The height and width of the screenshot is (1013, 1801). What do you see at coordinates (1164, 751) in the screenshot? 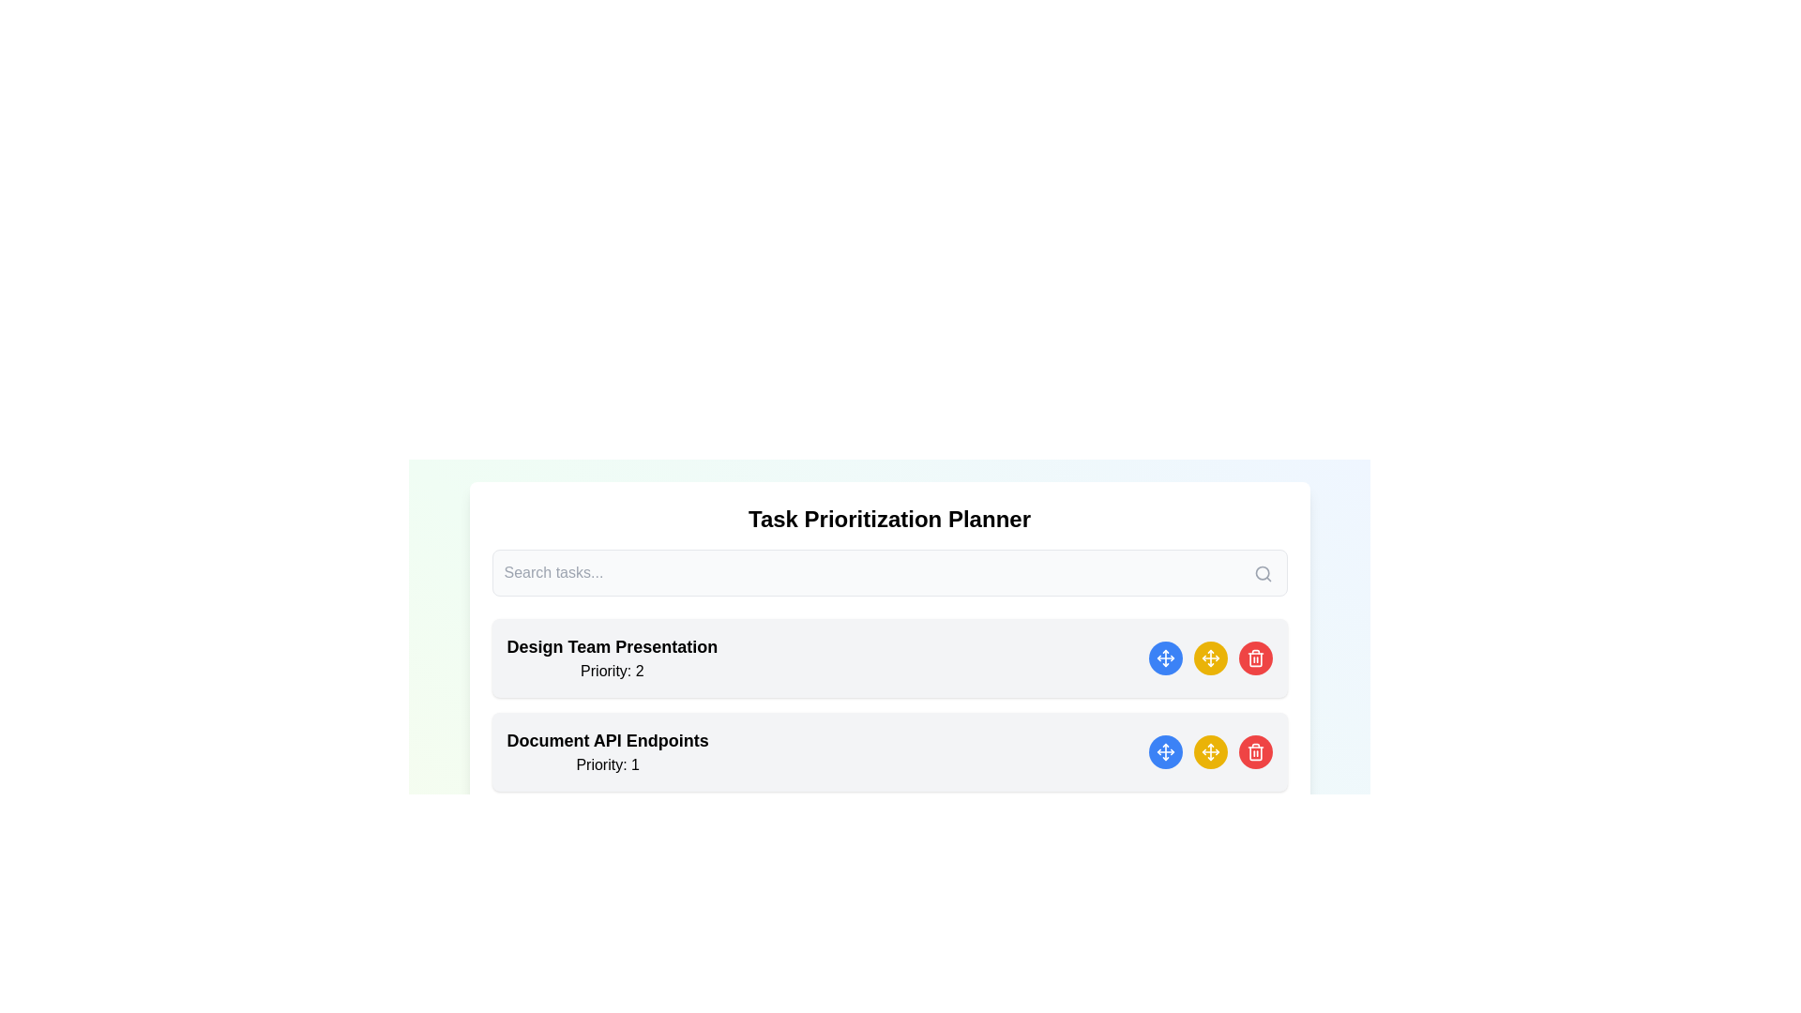
I see `the first button in the lower row of the task list section` at bounding box center [1164, 751].